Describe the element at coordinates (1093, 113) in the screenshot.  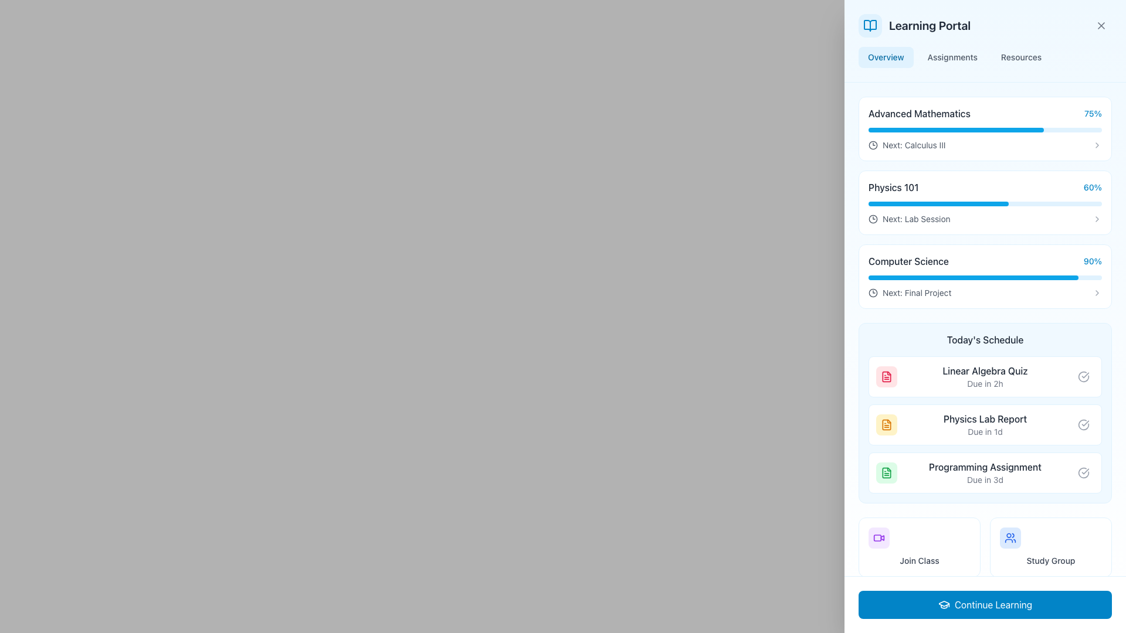
I see `percentage completion information displayed in the static text label indicating '75%' for the 'Advanced Mathematics' course located at the top right of the corresponding card` at that location.